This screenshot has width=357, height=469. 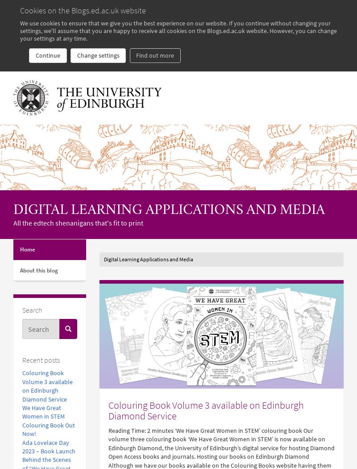 What do you see at coordinates (162, 430) in the screenshot?
I see `'minutes'` at bounding box center [162, 430].